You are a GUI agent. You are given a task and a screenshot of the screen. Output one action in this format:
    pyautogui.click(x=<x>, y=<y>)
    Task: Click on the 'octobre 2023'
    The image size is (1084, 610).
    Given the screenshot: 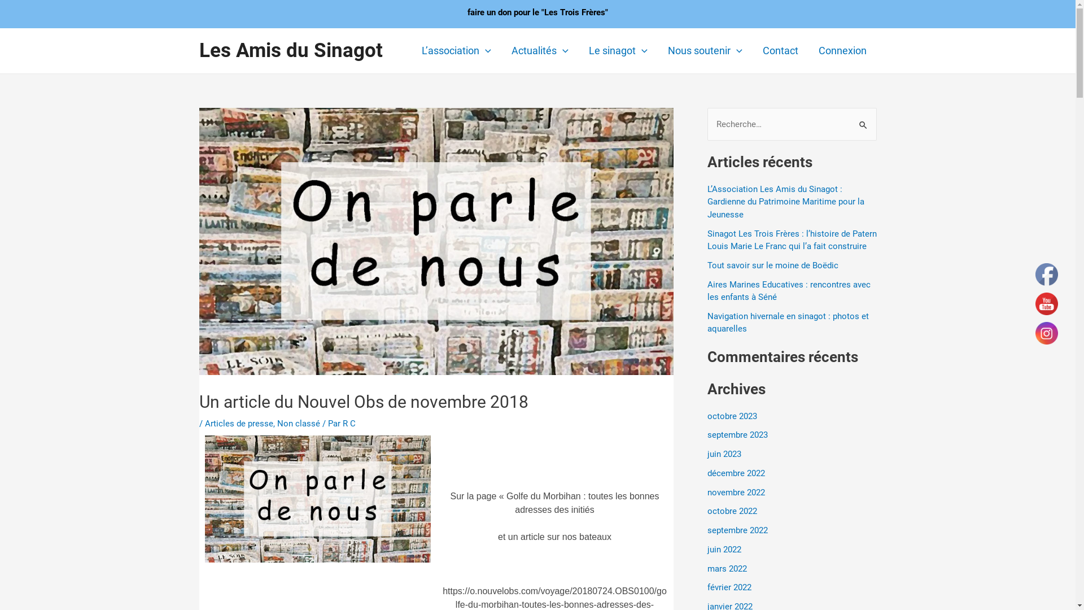 What is the action you would take?
    pyautogui.click(x=732, y=416)
    